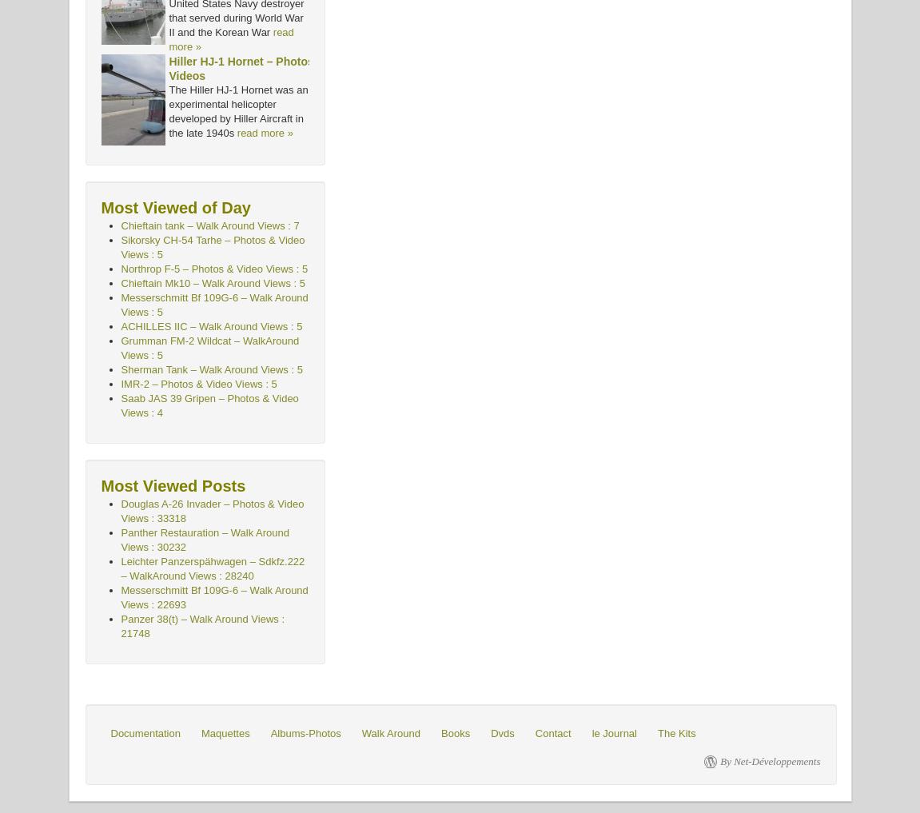 This screenshot has height=813, width=920. What do you see at coordinates (212, 511) in the screenshot?
I see `'Douglas A-26 Invader – Photos & Video Views : 33318'` at bounding box center [212, 511].